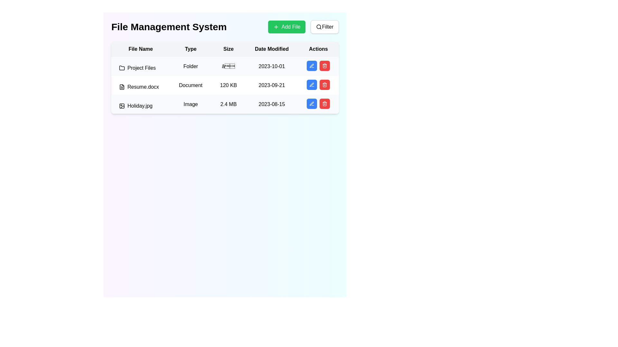 This screenshot has width=618, height=347. Describe the element at coordinates (140, 68) in the screenshot. I see `the 'Project Files' folder item` at that location.